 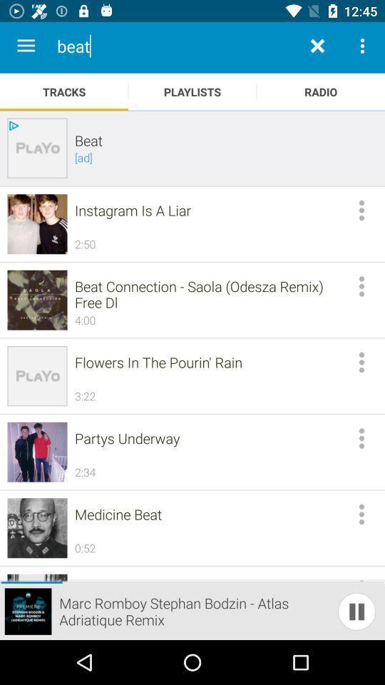 What do you see at coordinates (356, 611) in the screenshot?
I see `the pause icon` at bounding box center [356, 611].